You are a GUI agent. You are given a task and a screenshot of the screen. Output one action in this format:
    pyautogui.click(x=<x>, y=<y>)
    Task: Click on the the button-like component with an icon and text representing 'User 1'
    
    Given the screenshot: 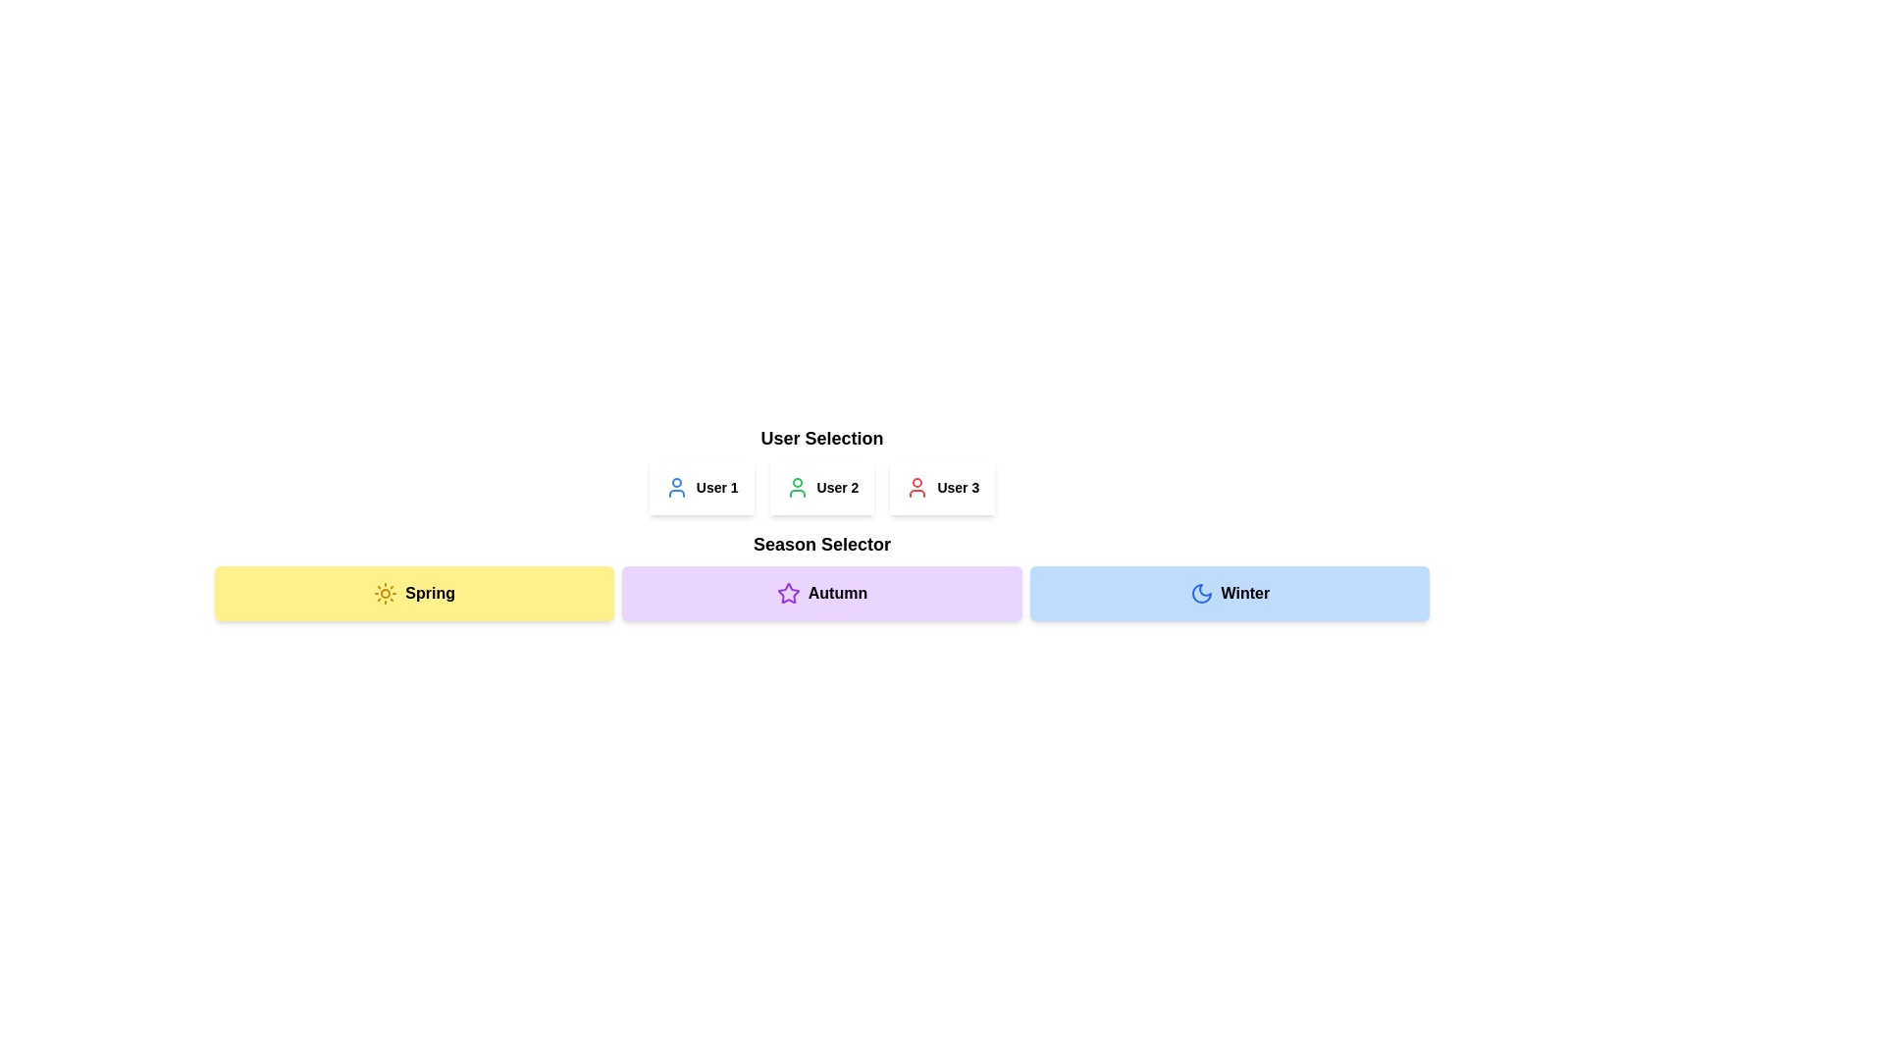 What is the action you would take?
    pyautogui.click(x=702, y=487)
    